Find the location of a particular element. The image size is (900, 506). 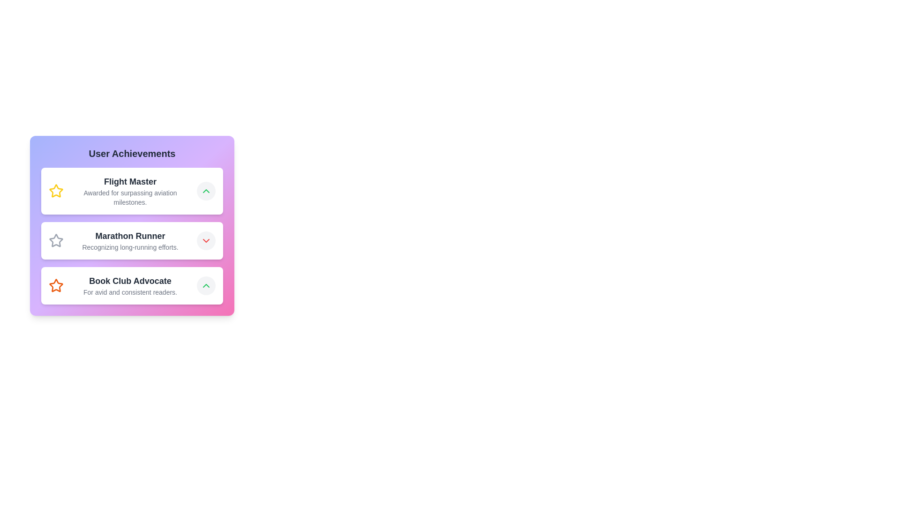

the SVG icon located at the right end of the 'Marathon Runner' achievement in the User Achievements list is located at coordinates (206, 240).